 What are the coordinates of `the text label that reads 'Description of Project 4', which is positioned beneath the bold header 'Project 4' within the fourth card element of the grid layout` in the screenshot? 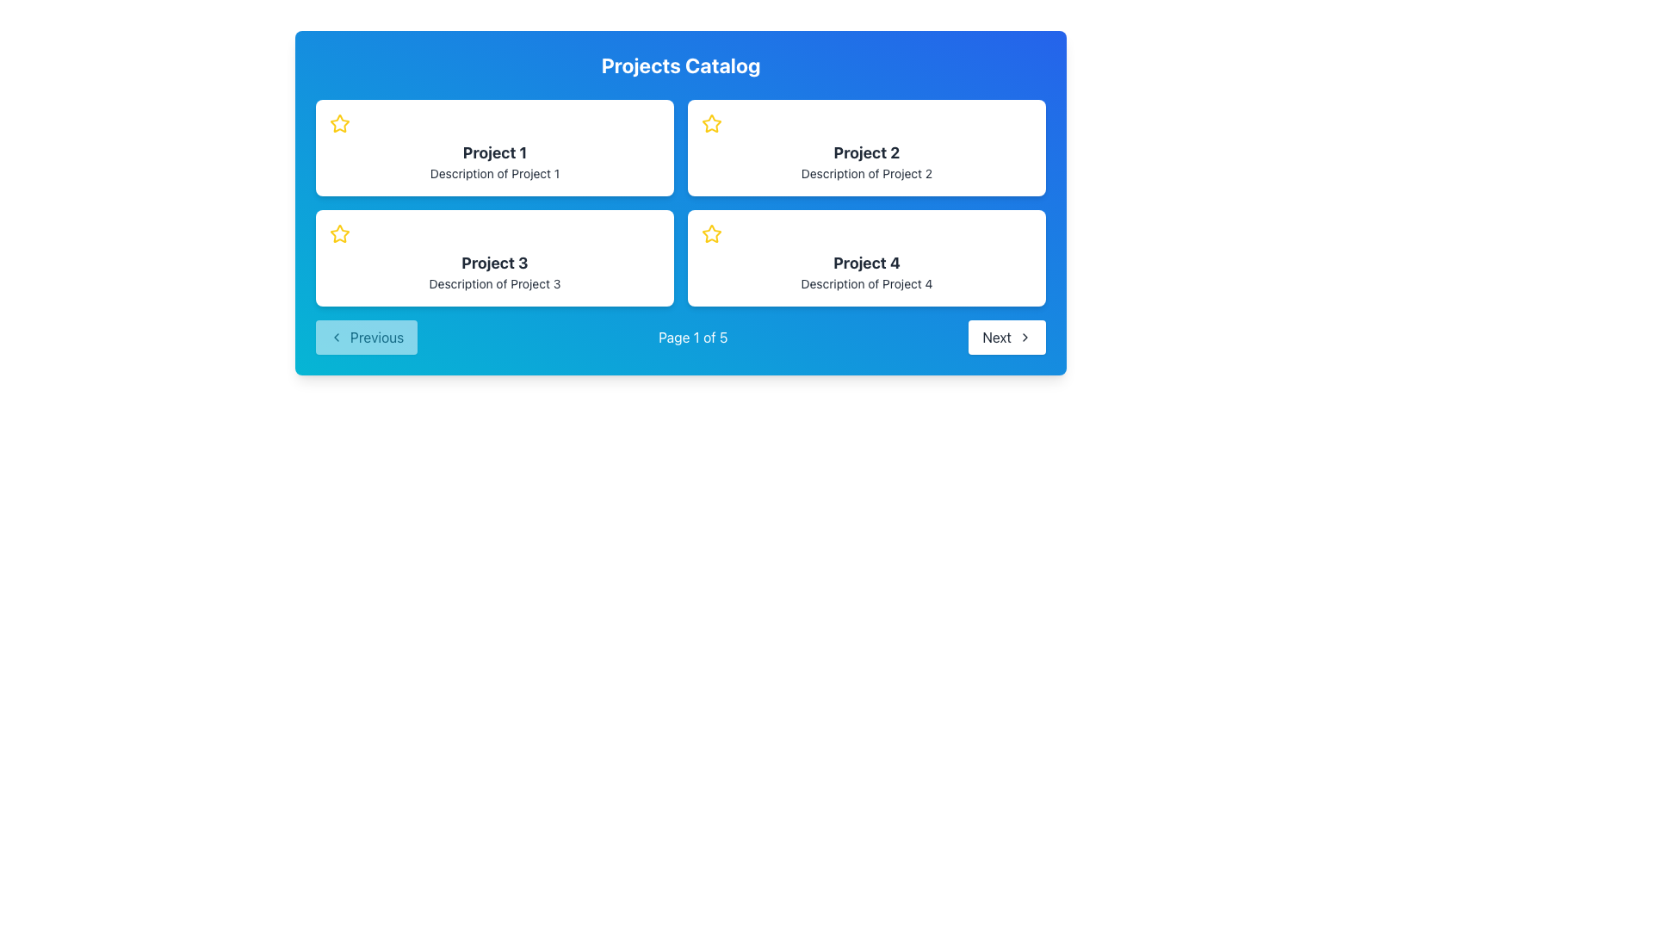 It's located at (867, 283).